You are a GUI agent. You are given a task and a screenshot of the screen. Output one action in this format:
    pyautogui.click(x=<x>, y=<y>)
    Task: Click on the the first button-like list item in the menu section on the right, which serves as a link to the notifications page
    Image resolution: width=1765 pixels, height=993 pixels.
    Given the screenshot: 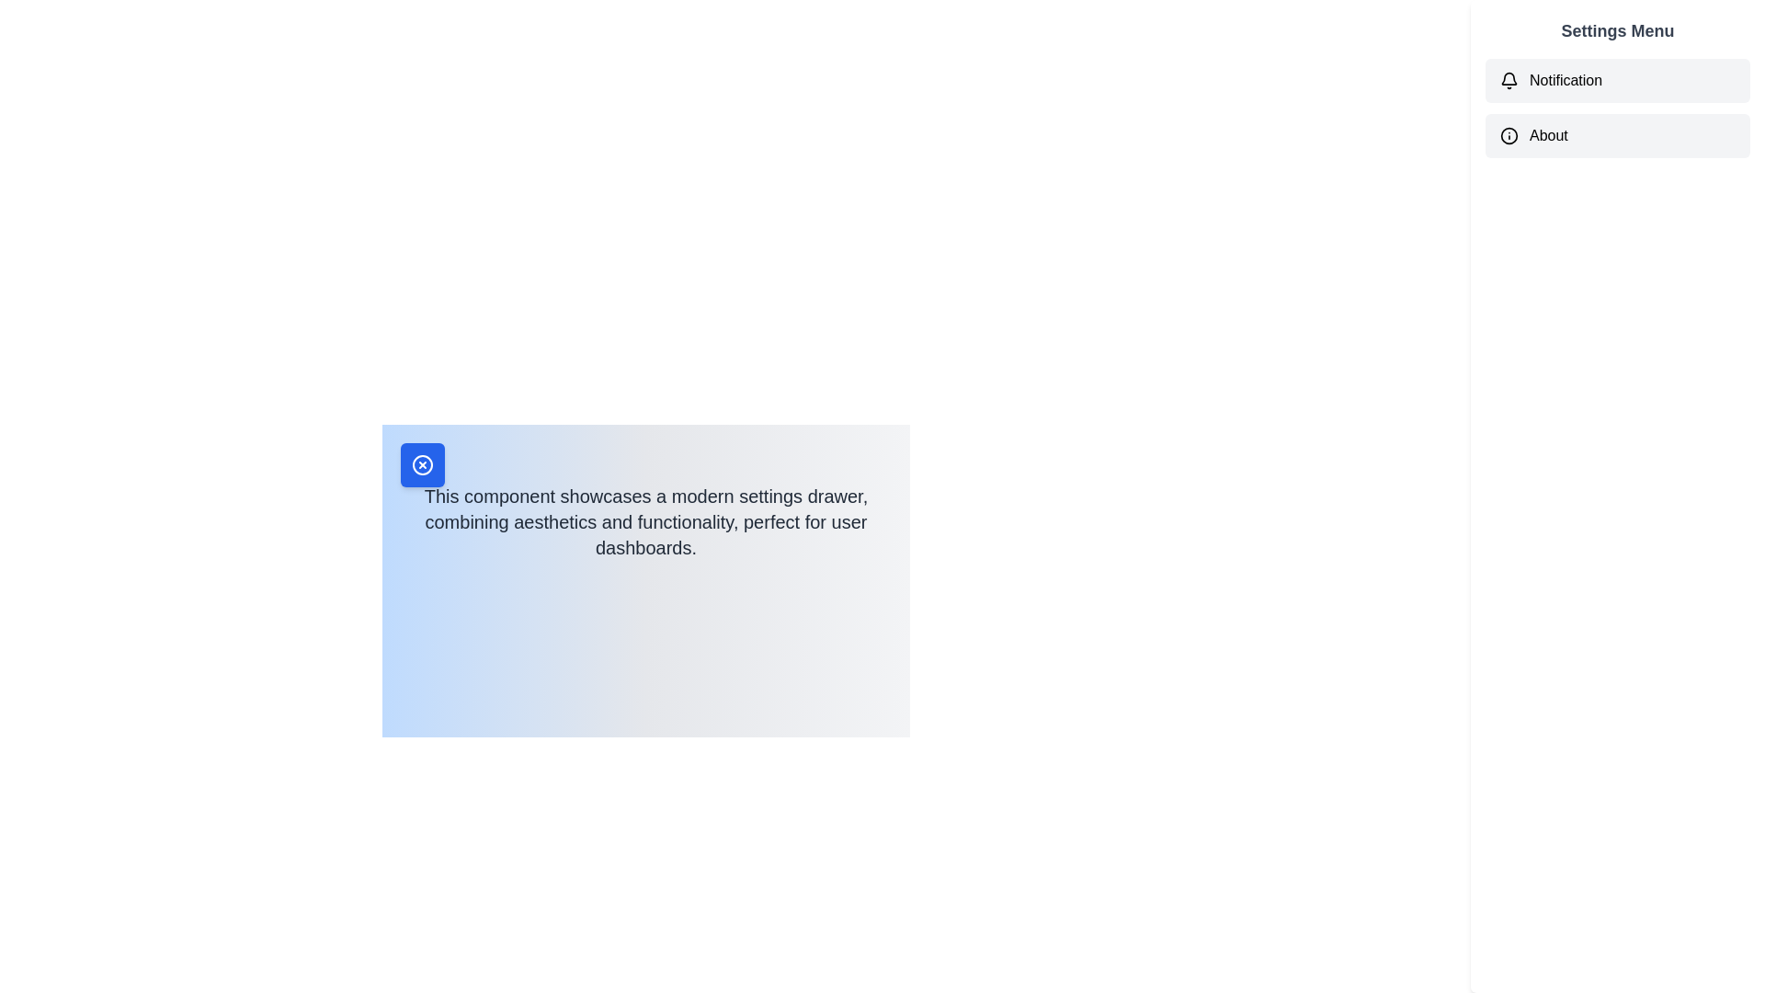 What is the action you would take?
    pyautogui.click(x=1618, y=80)
    